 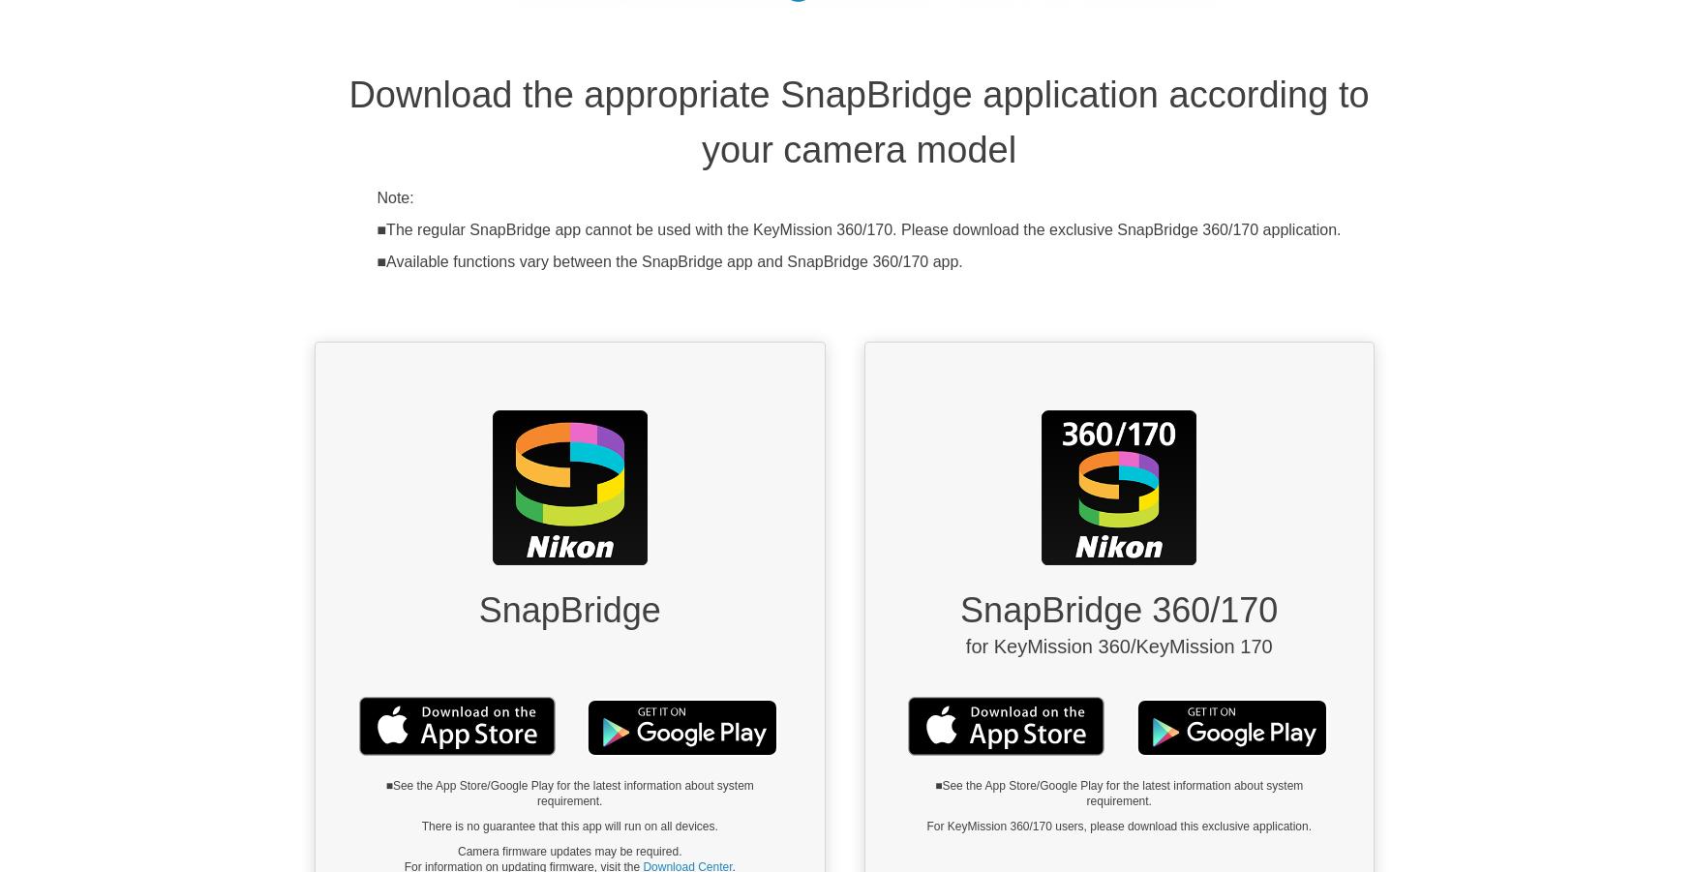 What do you see at coordinates (569, 610) in the screenshot?
I see `'SnapBridge'` at bounding box center [569, 610].